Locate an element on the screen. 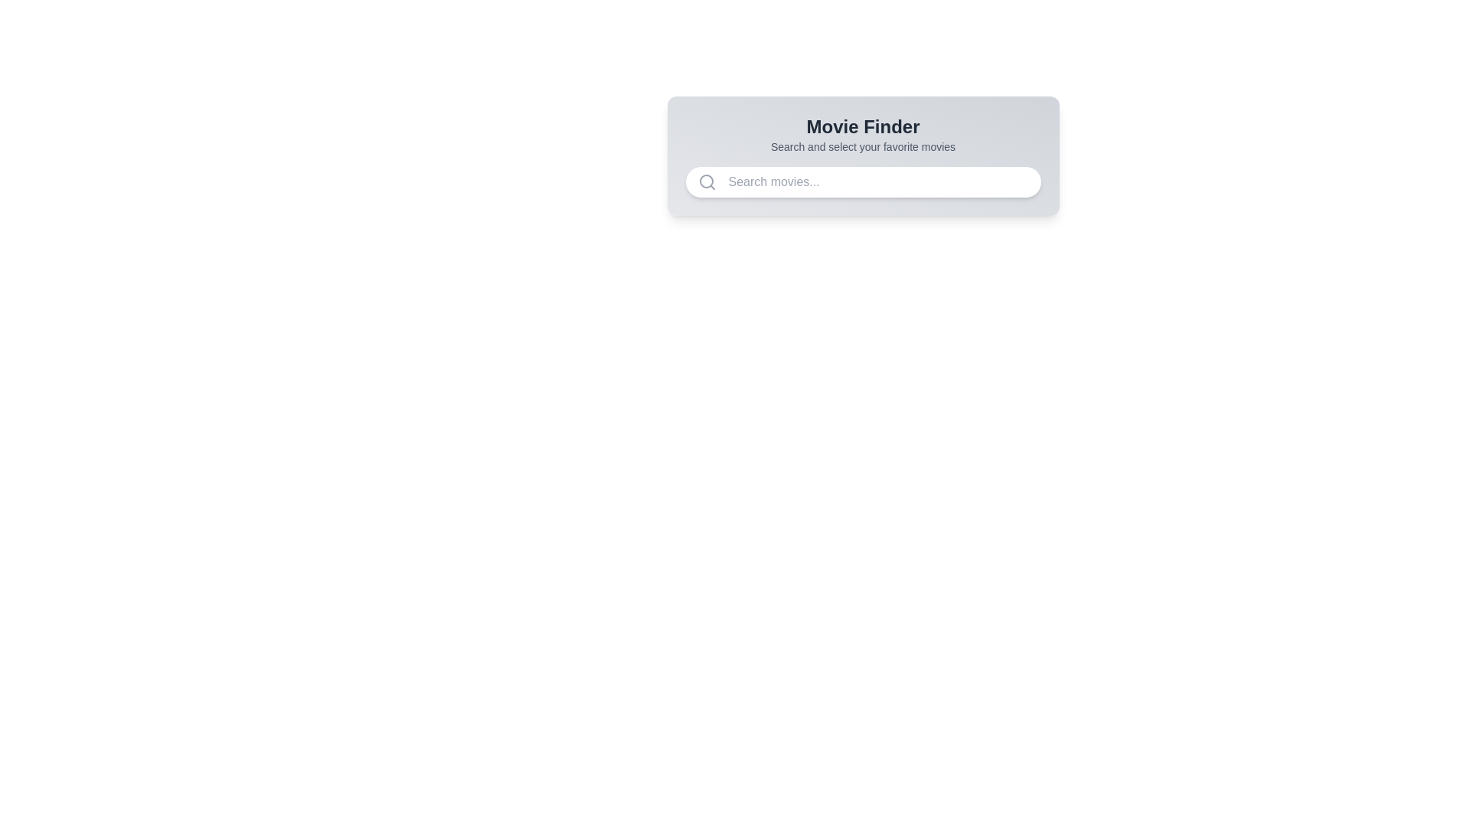  the 'Movie Finder' text label which is prominently displayed in bold and large font against a light gray background is located at coordinates (863, 126).